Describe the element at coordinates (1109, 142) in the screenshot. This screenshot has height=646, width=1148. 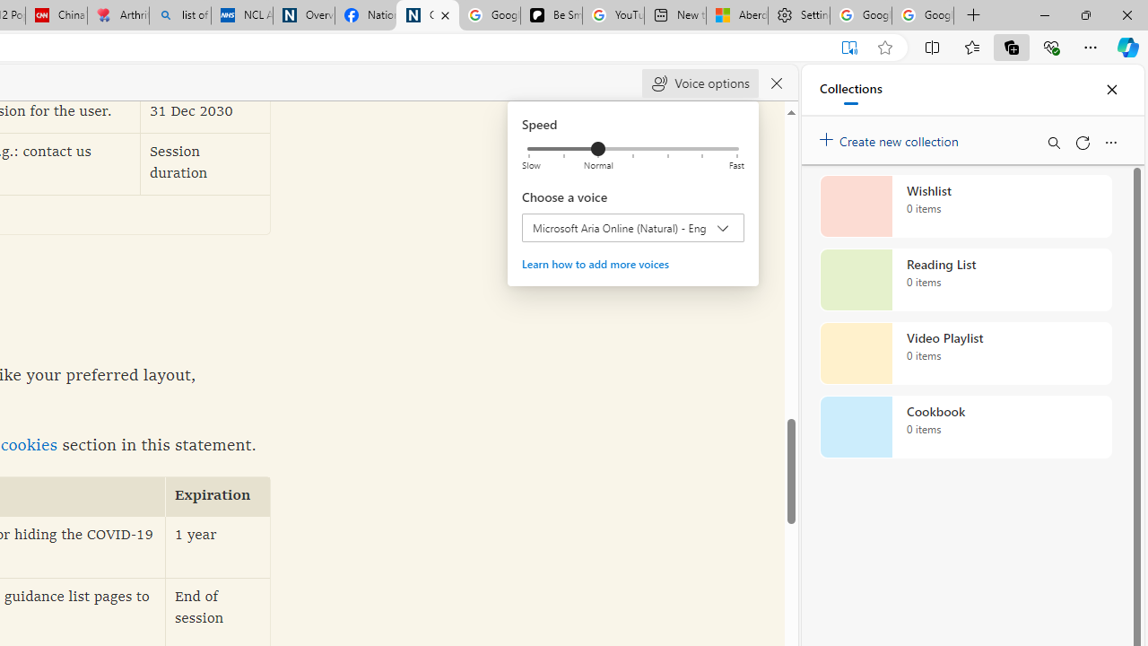
I see `'More options menu'` at that location.